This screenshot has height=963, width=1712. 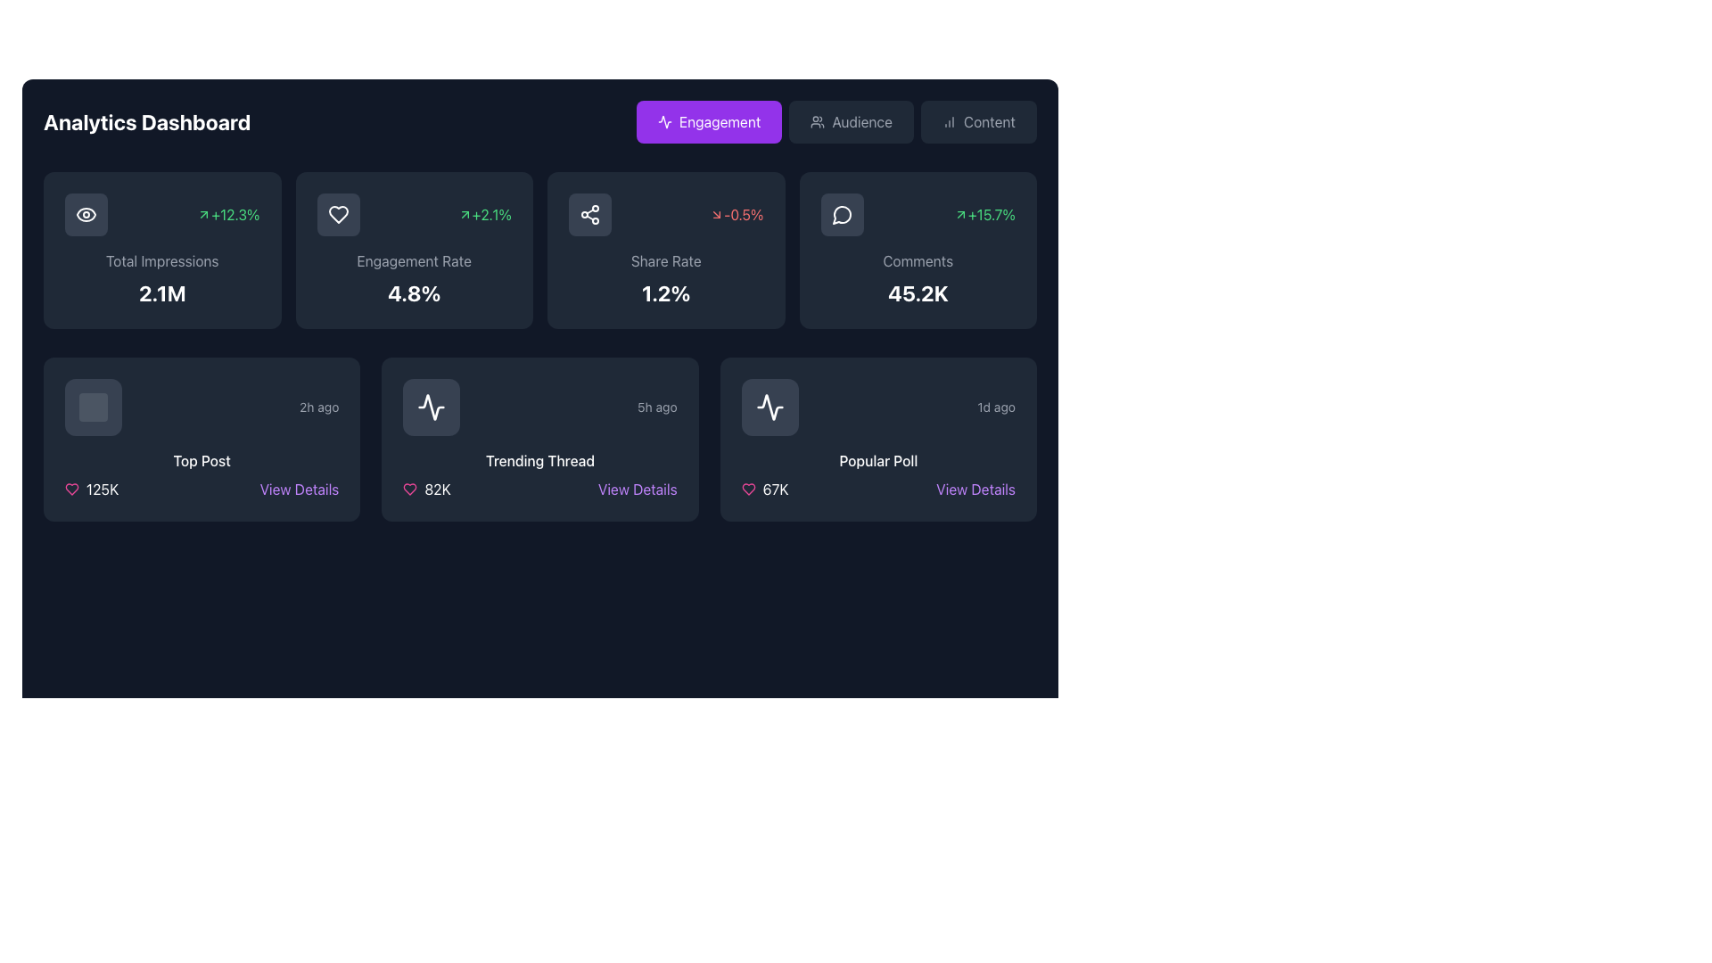 I want to click on displayed text of the heading 'Trending Thread' located in the middle card of the three-card layout, positioned below the visual icon and timestamp, and above the count indicator and link to 'View Details', so click(x=539, y=459).